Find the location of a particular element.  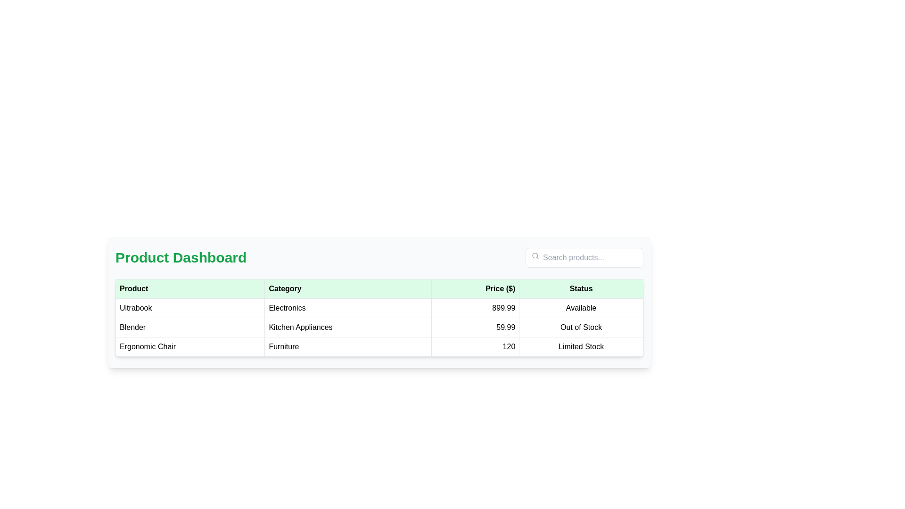

the static text label that serves as a header or title, positioned on the left side of the header bar section is located at coordinates (181, 258).